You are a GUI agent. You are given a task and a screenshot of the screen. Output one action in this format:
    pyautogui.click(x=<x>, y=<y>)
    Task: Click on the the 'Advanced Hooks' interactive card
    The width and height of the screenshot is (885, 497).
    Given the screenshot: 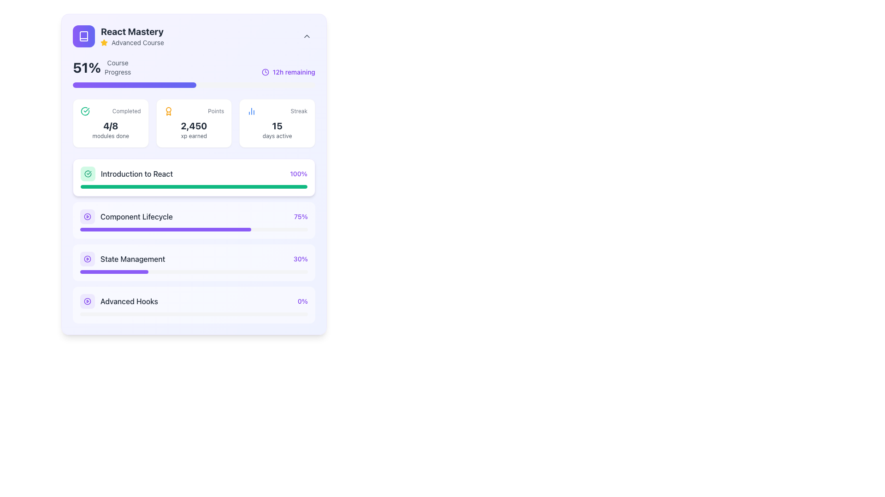 What is the action you would take?
    pyautogui.click(x=194, y=305)
    